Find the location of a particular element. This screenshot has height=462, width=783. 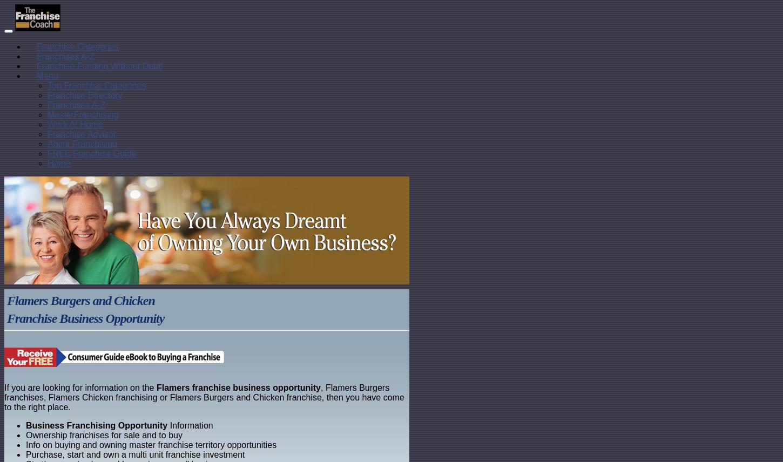

'Franchise Funding Without Debt!' is located at coordinates (99, 65).